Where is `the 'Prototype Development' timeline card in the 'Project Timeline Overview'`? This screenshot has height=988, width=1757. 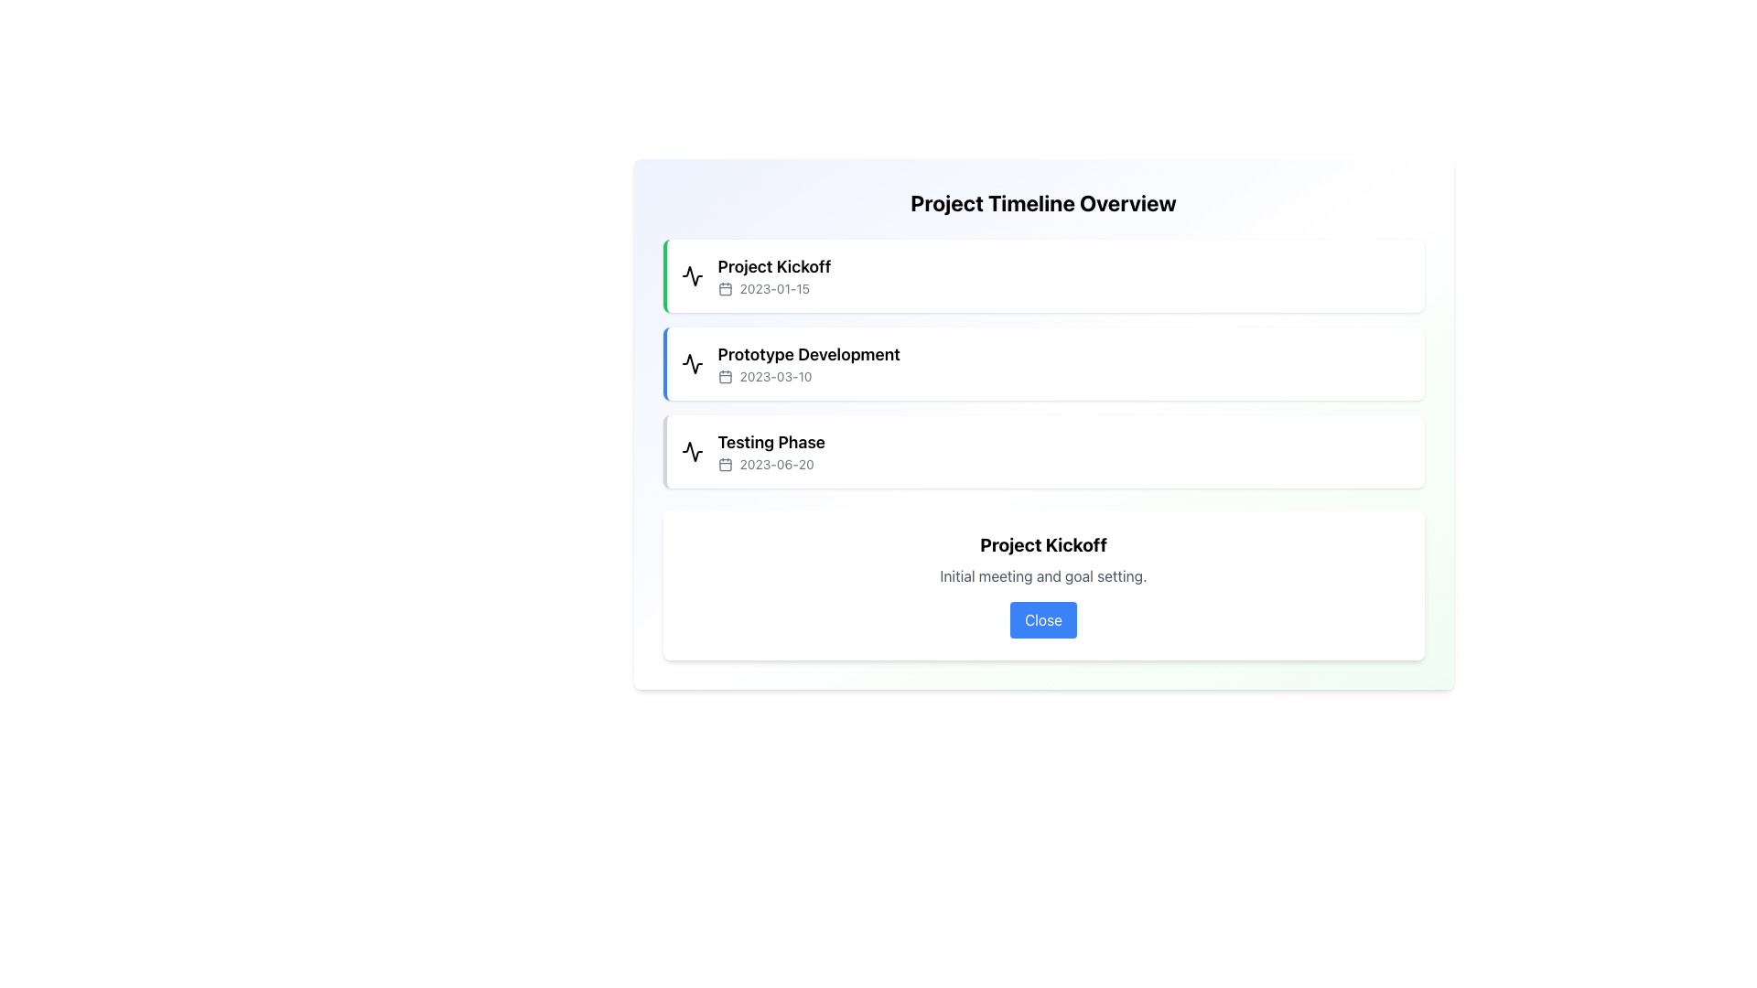 the 'Prototype Development' timeline card in the 'Project Timeline Overview' is located at coordinates (1043, 363).